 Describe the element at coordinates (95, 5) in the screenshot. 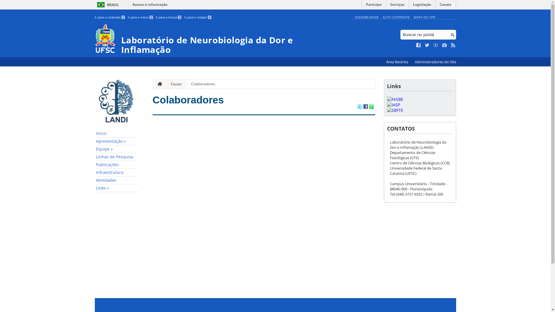

I see `'BRASIL'` at that location.